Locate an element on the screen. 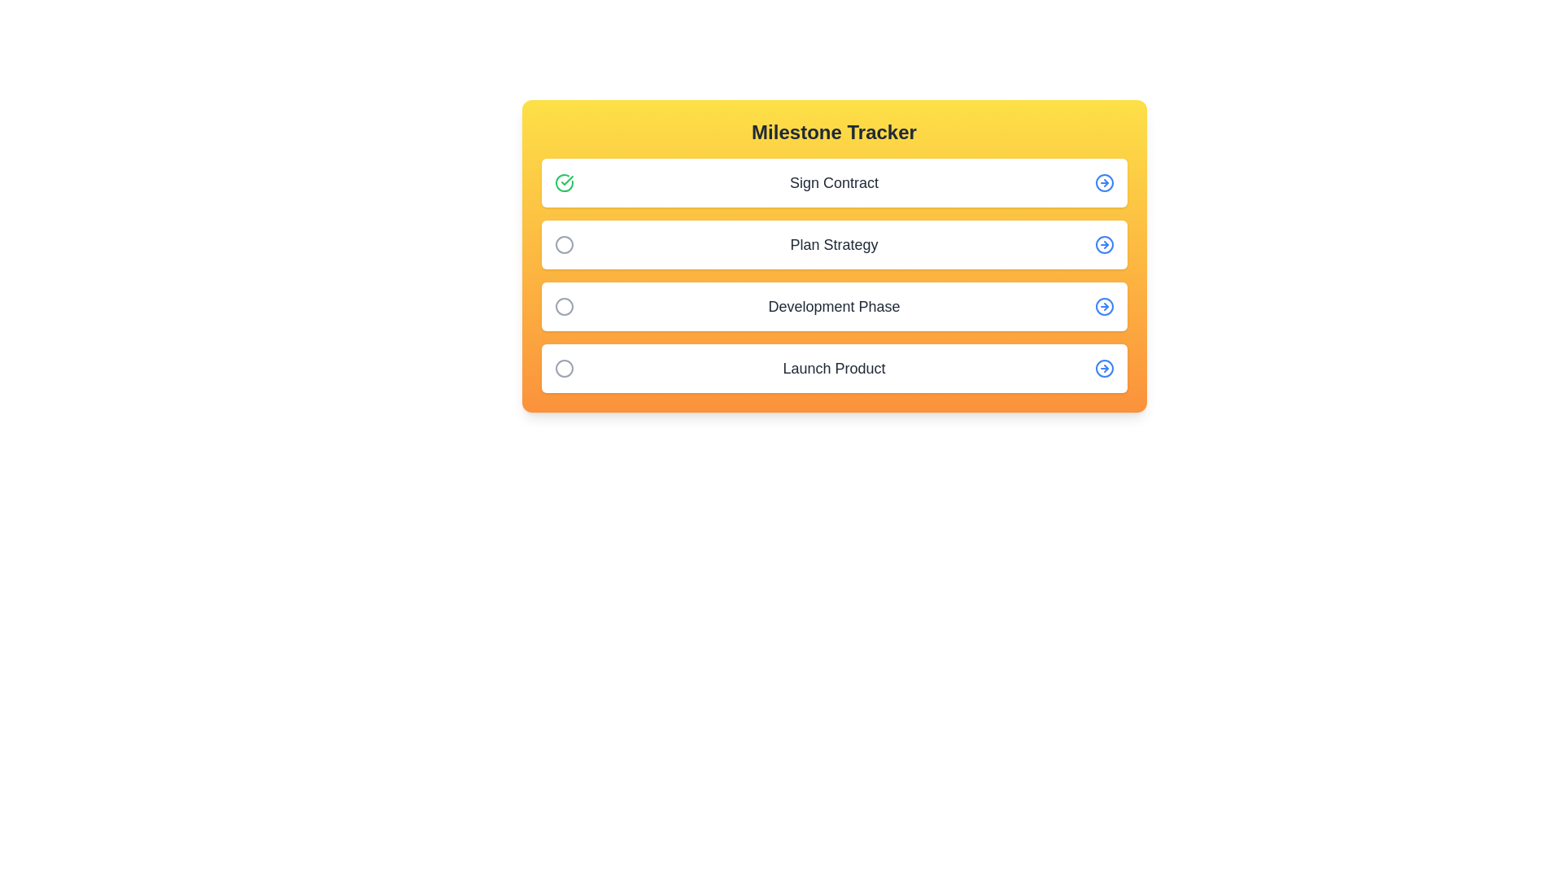  the actionable icon button located at the right end of the 'Sign Contract' row in the 'Milestone Tracker' list is located at coordinates (1104, 182).